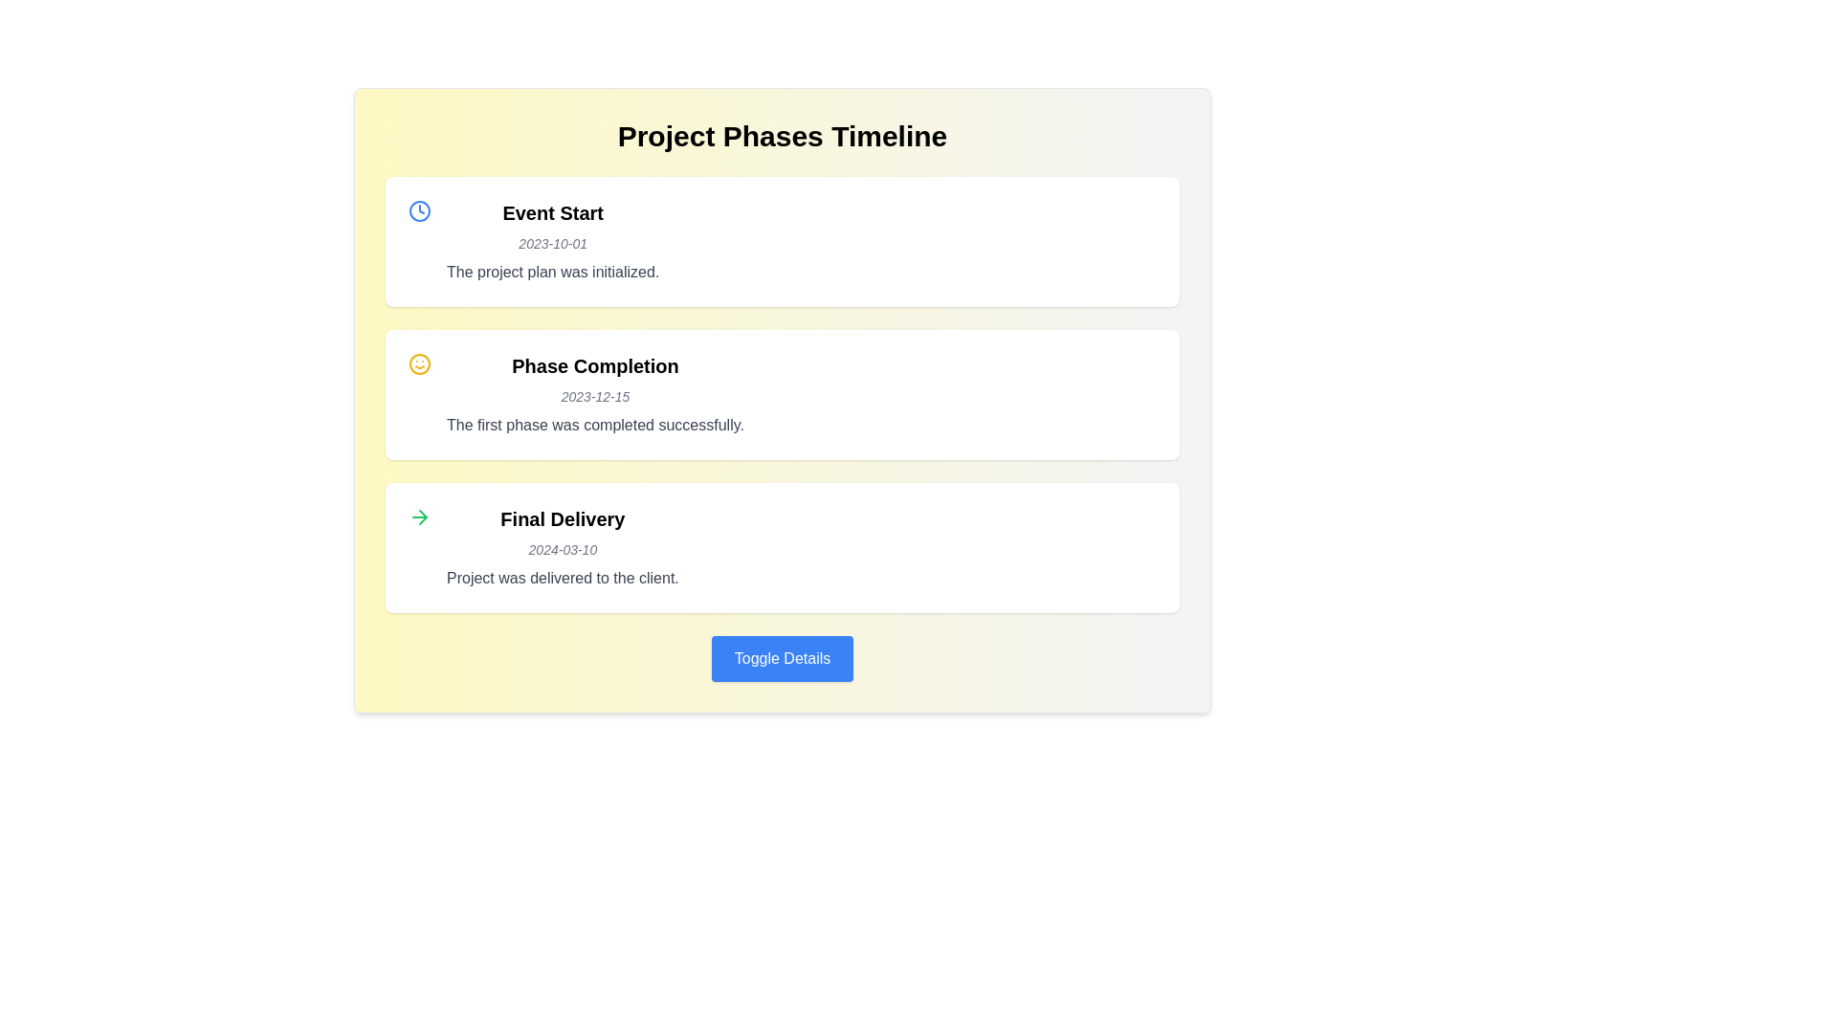 The image size is (1837, 1033). What do you see at coordinates (562, 548) in the screenshot?
I see `the Information Block that summarizes the final delivery phase and its corresponding date, located in the third entry of the vertical timeline display, positioned below the 'Phase Completion' section and above the 'Toggle Details' button` at bounding box center [562, 548].